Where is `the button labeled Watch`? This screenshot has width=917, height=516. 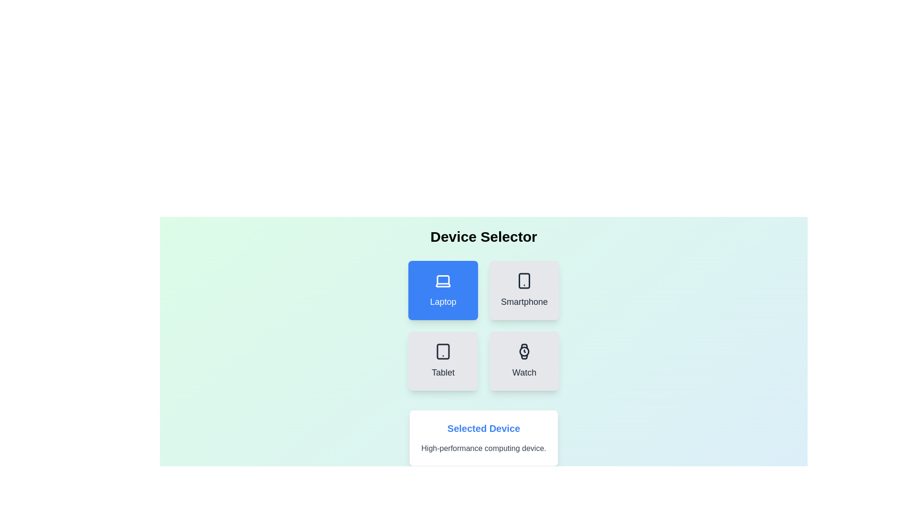
the button labeled Watch is located at coordinates (524, 361).